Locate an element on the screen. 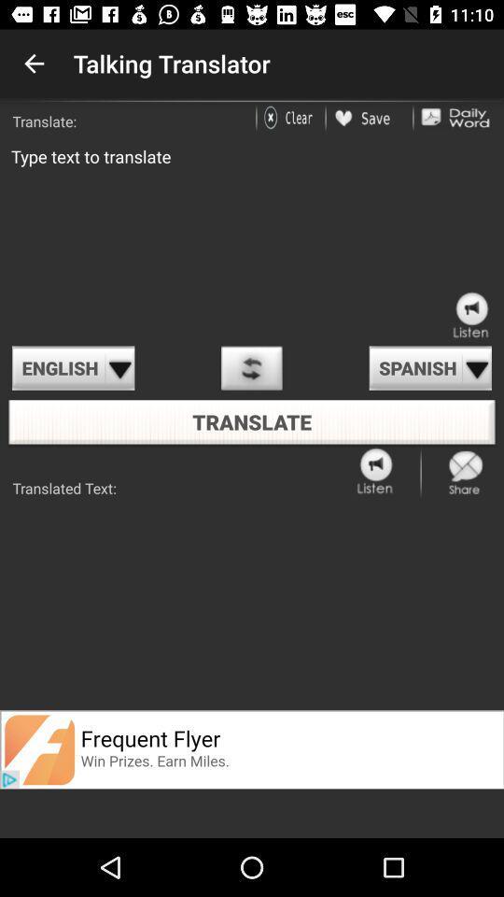  sepkar is located at coordinates (376, 471).